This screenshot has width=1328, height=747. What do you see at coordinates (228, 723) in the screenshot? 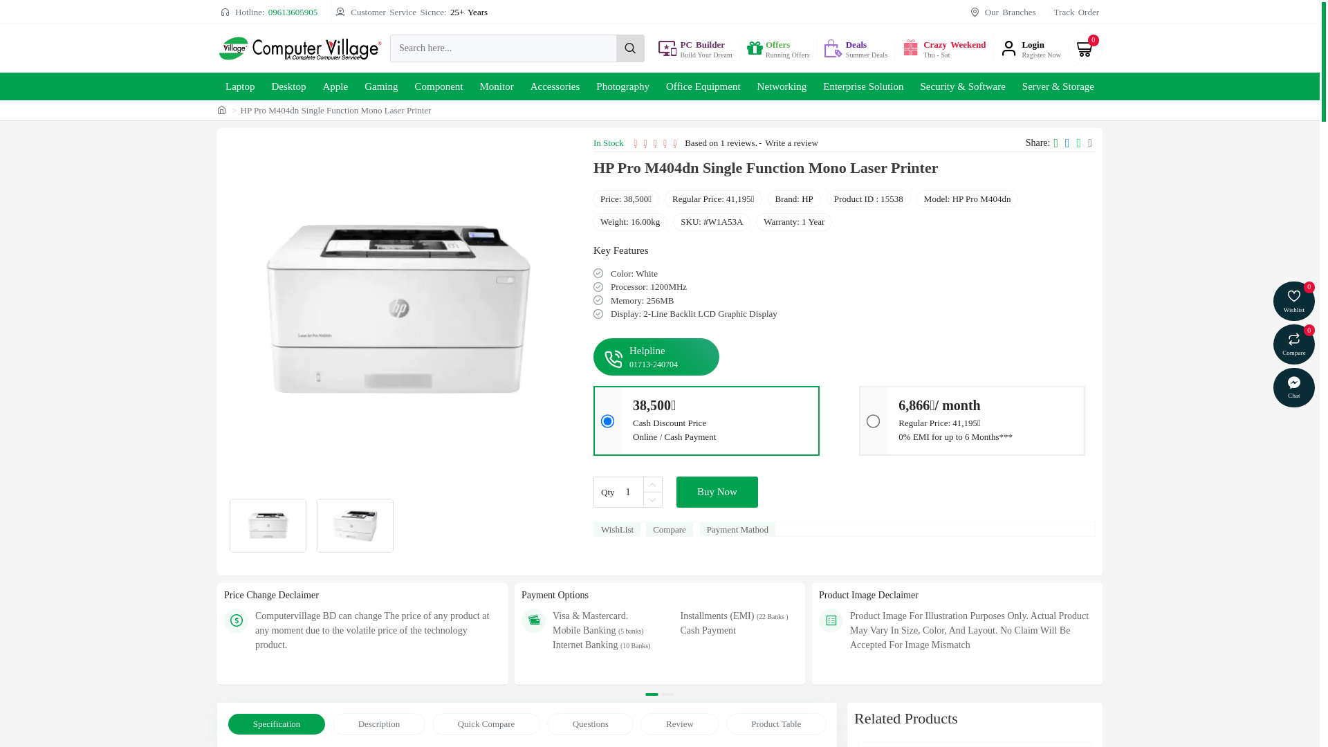
I see `'Specification'` at bounding box center [228, 723].